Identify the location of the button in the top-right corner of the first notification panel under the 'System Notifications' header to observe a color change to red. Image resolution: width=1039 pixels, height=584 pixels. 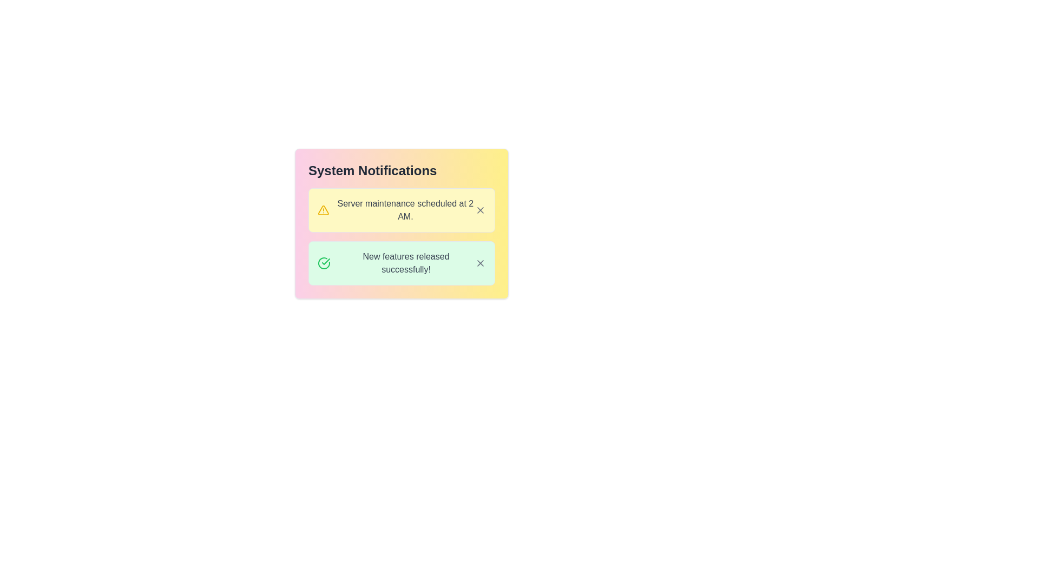
(480, 210).